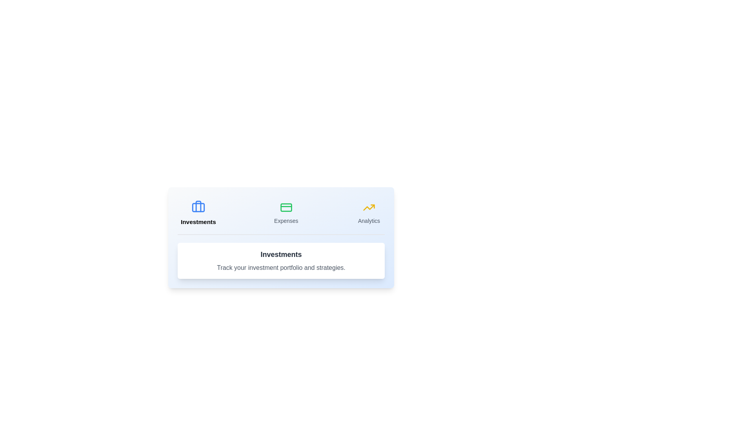  What do you see at coordinates (198, 213) in the screenshot?
I see `the Investments tab to view its content` at bounding box center [198, 213].